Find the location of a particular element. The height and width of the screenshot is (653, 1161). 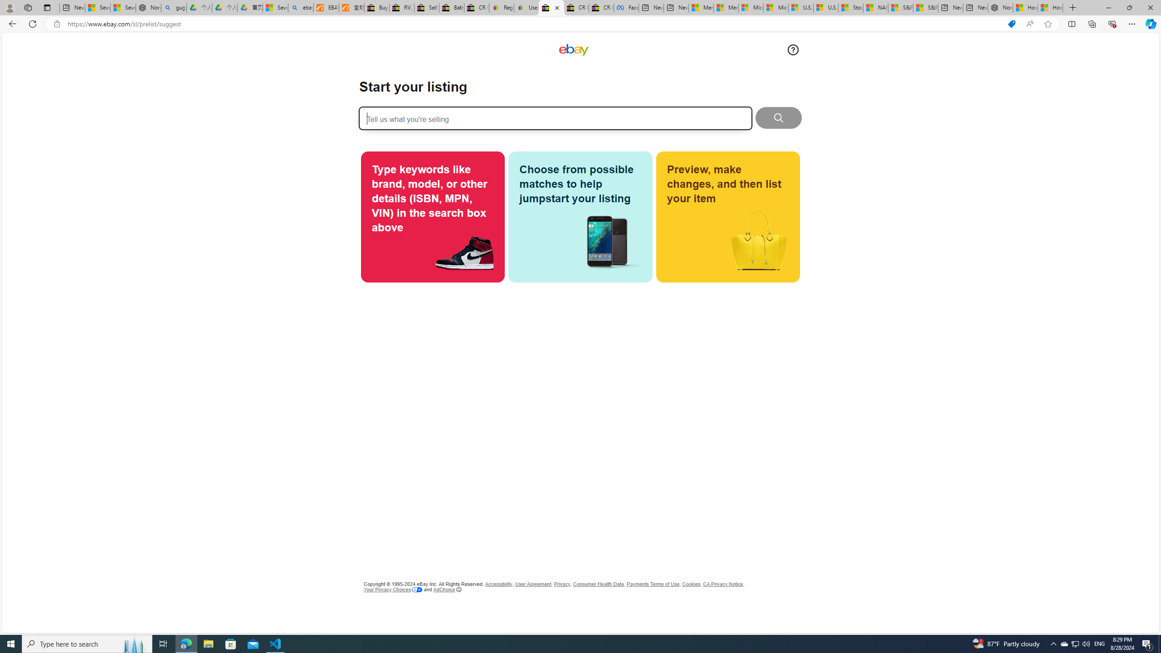

'guge yunpan - Search' is located at coordinates (174, 7).